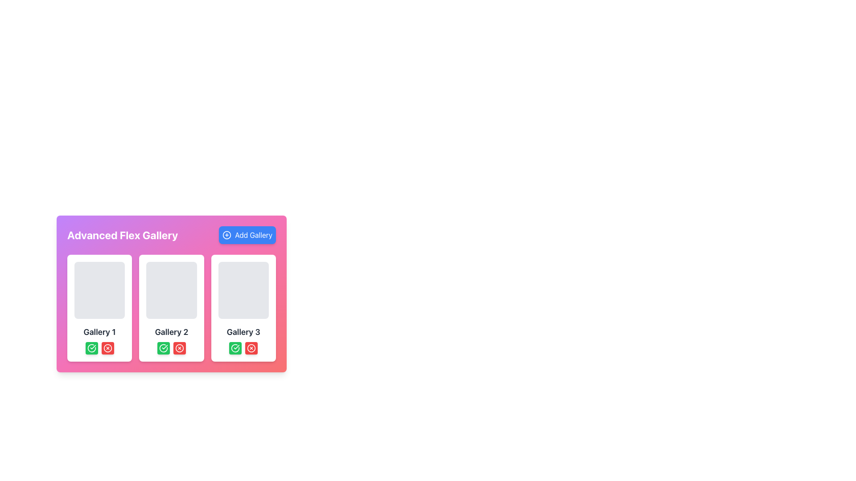 The image size is (856, 481). Describe the element at coordinates (99, 332) in the screenshot. I see `text label 'Gallery 1', which is styled in bold and larger font, located centrally under the image placeholder of the first gallery card` at that location.